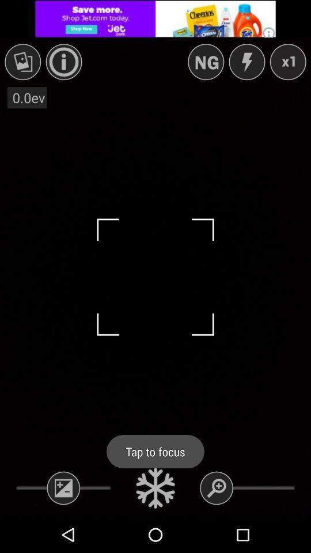 The width and height of the screenshot is (311, 553). I want to click on the swap icon, so click(205, 62).